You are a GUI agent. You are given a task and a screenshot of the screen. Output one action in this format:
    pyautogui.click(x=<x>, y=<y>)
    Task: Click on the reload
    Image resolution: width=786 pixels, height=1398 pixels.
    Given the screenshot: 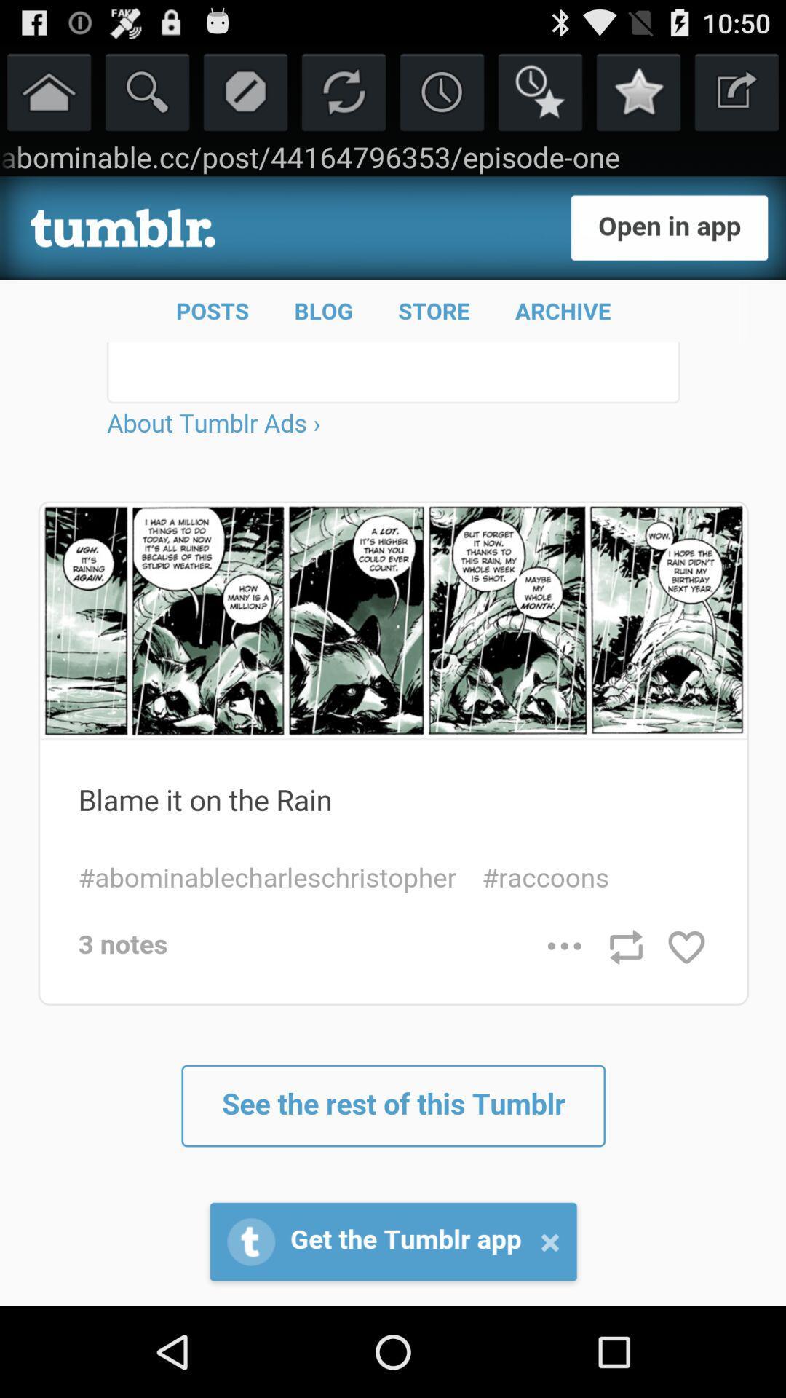 What is the action you would take?
    pyautogui.click(x=344, y=90)
    